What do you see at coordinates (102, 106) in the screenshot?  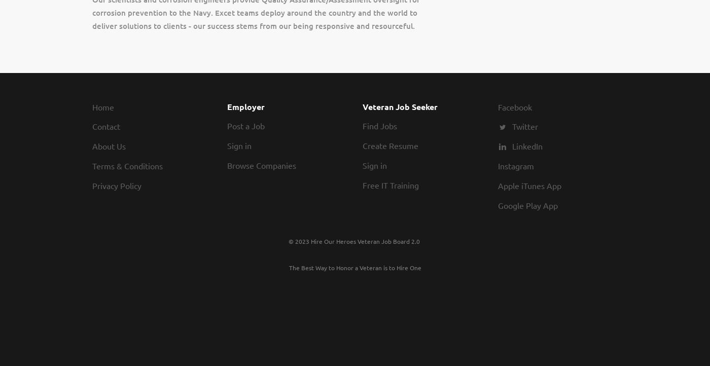 I see `'Home'` at bounding box center [102, 106].